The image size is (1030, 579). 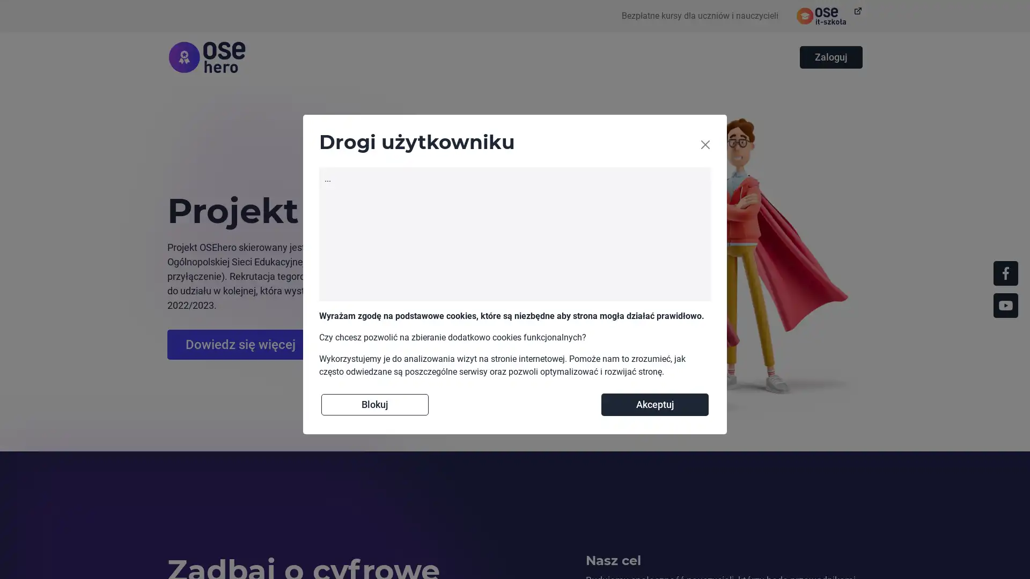 I want to click on Close, so click(x=705, y=145).